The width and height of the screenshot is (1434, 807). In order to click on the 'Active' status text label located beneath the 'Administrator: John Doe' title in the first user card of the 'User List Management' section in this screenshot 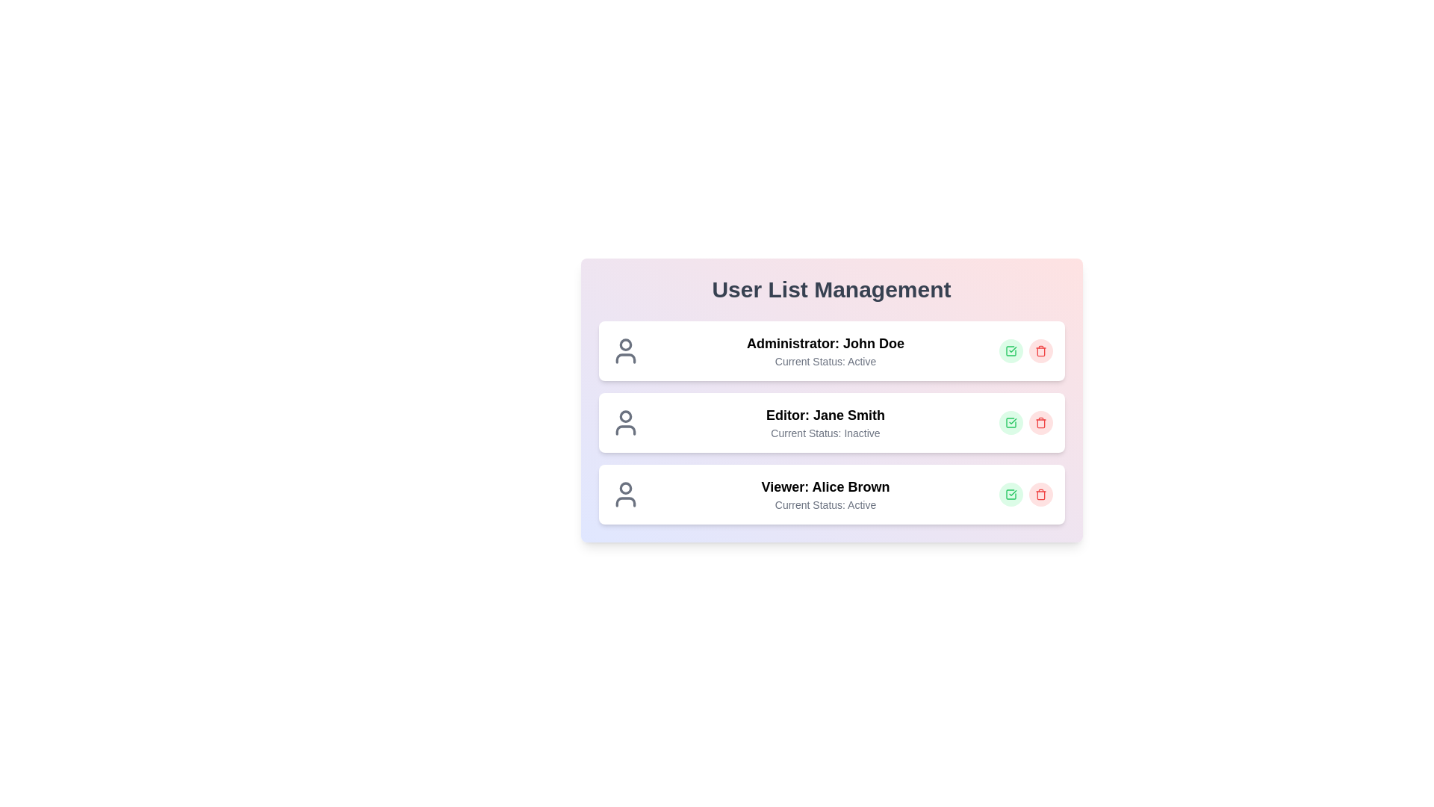, I will do `click(825, 361)`.